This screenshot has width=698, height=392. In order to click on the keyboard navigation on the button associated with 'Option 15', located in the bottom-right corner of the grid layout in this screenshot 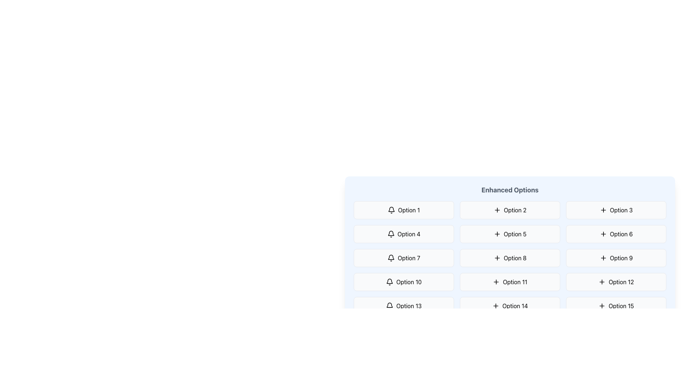, I will do `click(615, 306)`.